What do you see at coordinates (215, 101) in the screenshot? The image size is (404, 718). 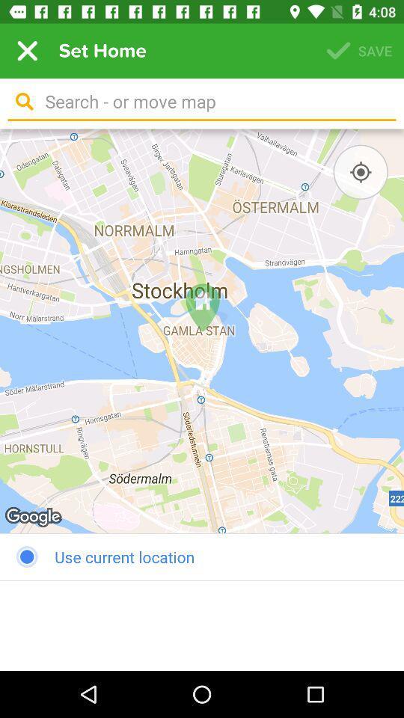 I see `search` at bounding box center [215, 101].